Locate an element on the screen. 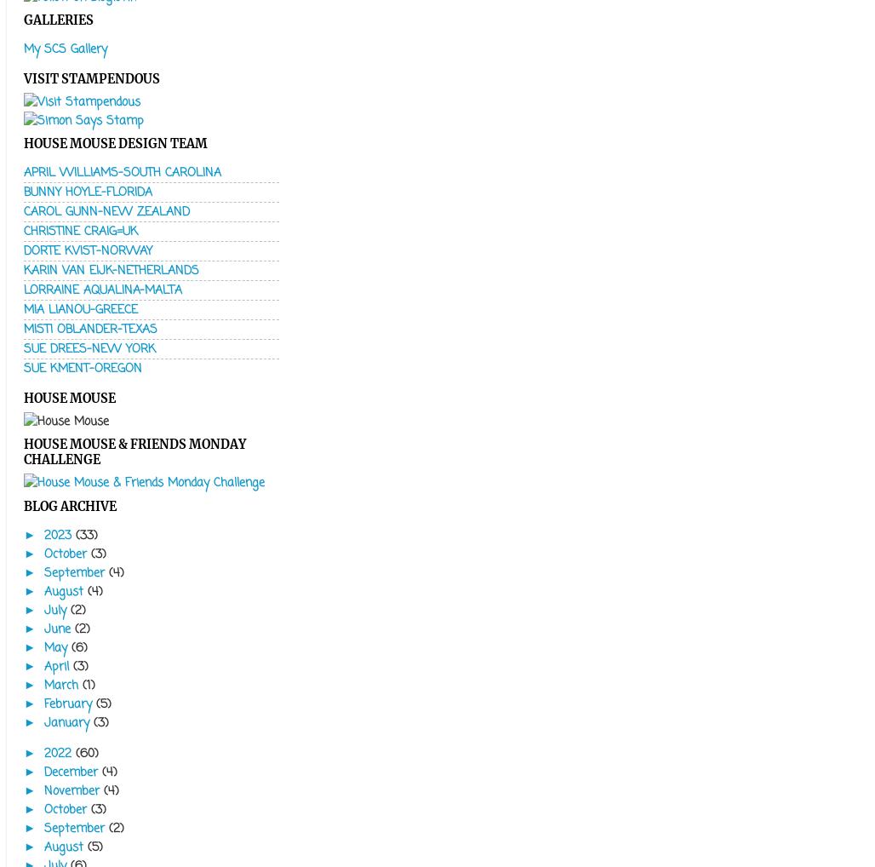 The height and width of the screenshot is (867, 875). '(60)' is located at coordinates (86, 754).